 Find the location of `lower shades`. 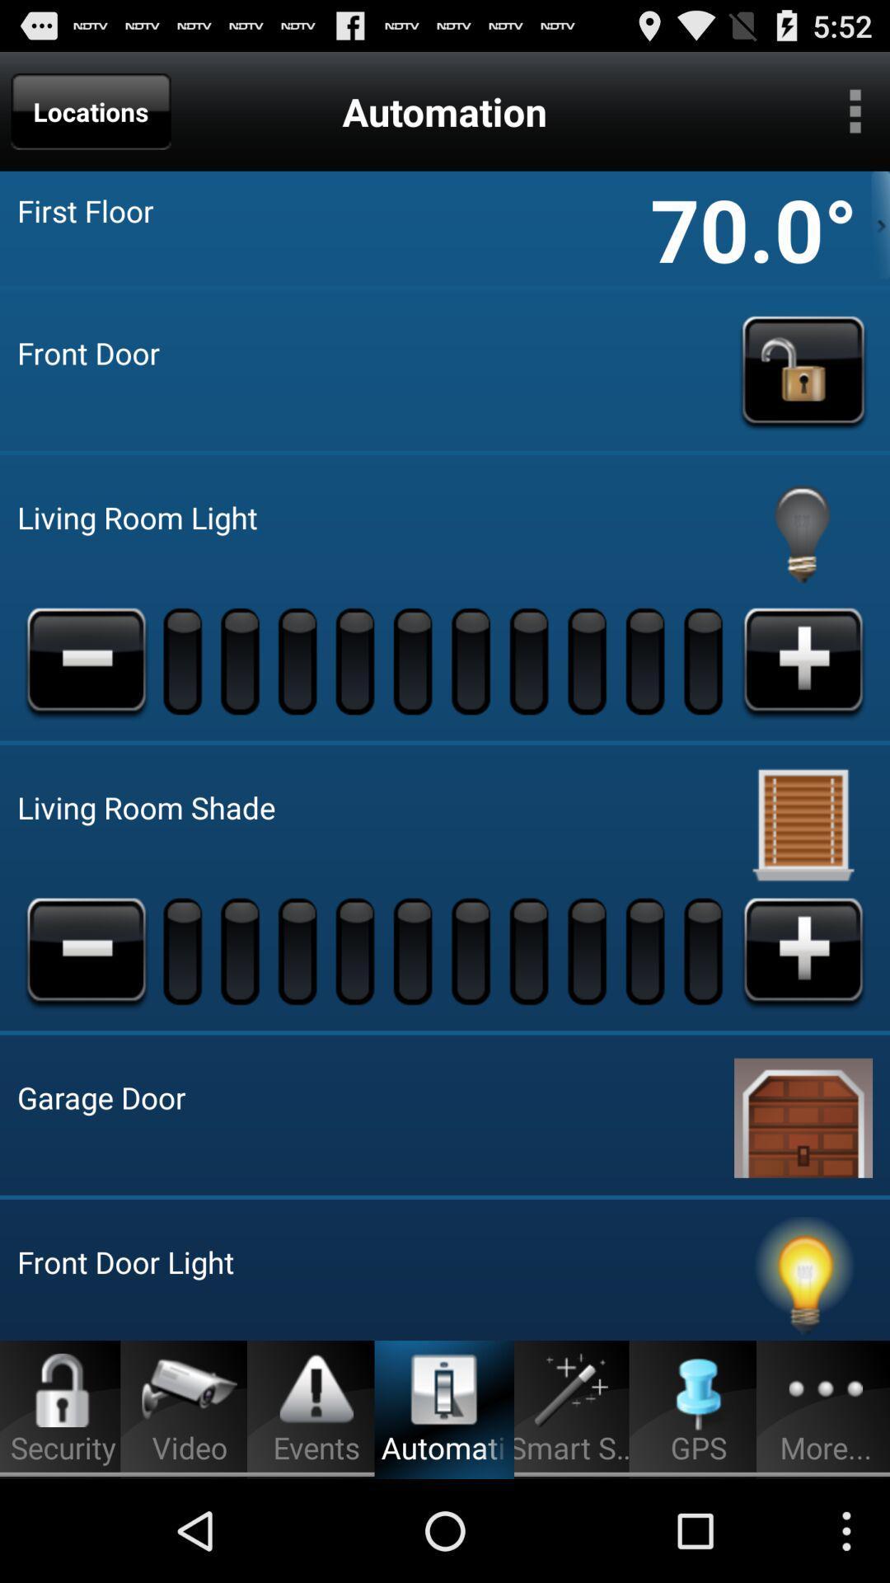

lower shades is located at coordinates (86, 951).